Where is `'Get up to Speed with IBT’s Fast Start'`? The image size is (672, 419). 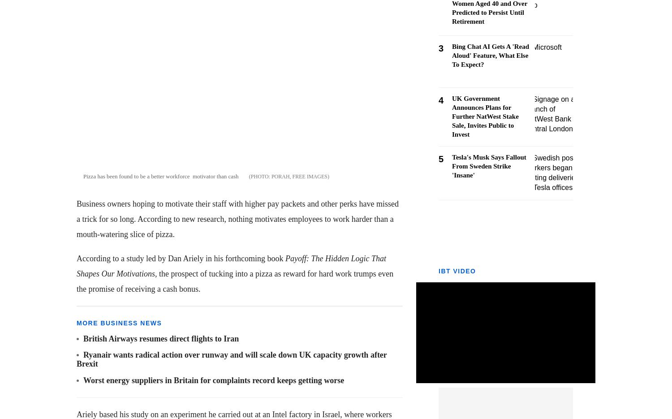
'Get up to Speed with IBT’s Fast Start' is located at coordinates (523, 218).